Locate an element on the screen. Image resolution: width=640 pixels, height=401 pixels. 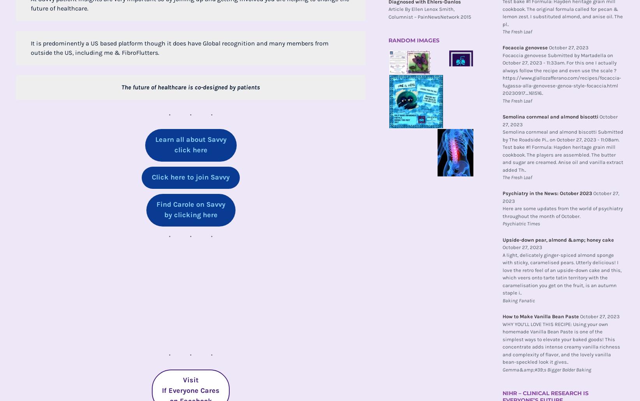
'Semolina cornmeal and almond biscotti' is located at coordinates (502, 117).